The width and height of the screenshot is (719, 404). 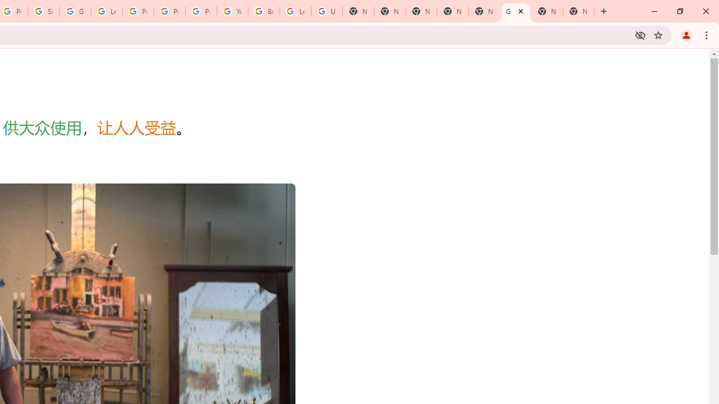 What do you see at coordinates (232, 11) in the screenshot?
I see `'YouTube'` at bounding box center [232, 11].